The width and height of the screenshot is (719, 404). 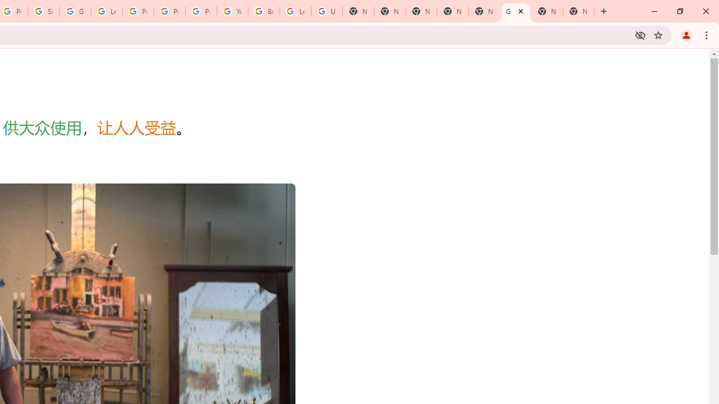 What do you see at coordinates (232, 11) in the screenshot?
I see `'YouTube'` at bounding box center [232, 11].